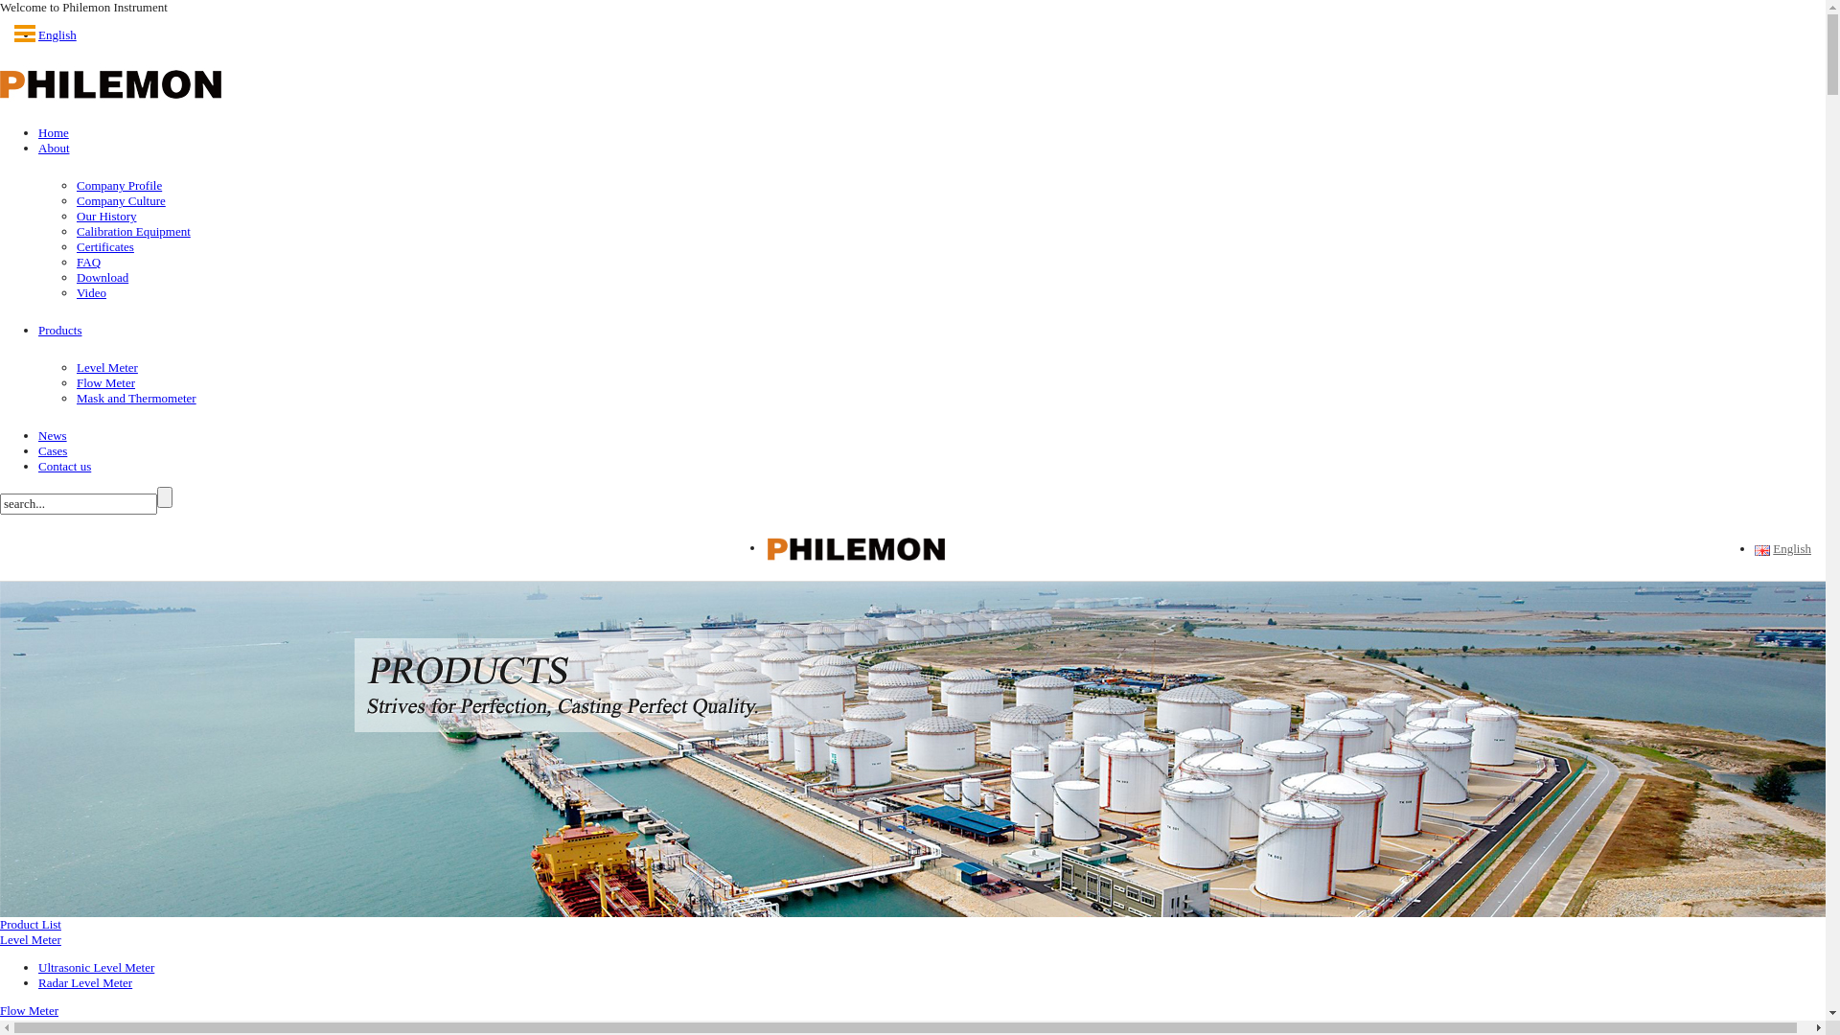 The width and height of the screenshot is (1840, 1035). I want to click on 'Ultrasonic Level Meter', so click(95, 967).